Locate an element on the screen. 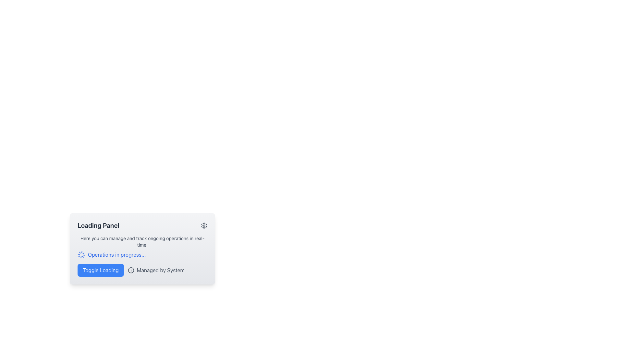  the animation of the spinner icon located to the left of the text 'Operations in progress...' within the 'Loading Panel' section is located at coordinates (81, 254).